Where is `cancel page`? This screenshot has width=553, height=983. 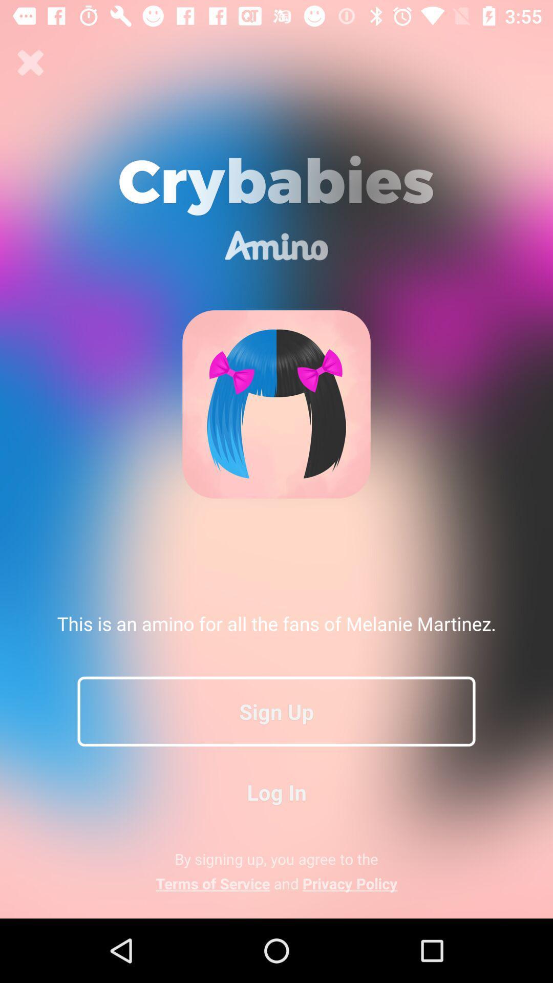
cancel page is located at coordinates (30, 62).